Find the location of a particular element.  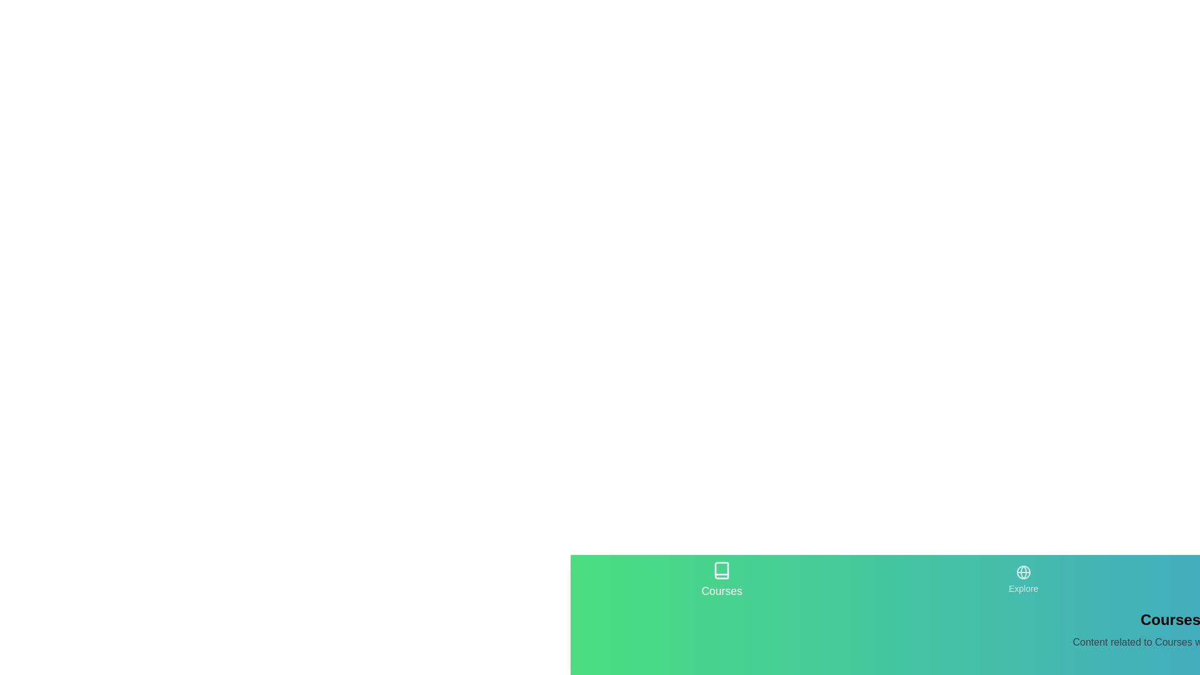

the Courses tab by clicking on its icon or label is located at coordinates (722, 580).